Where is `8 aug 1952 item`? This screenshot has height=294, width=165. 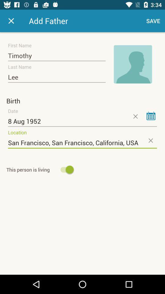
8 aug 1952 item is located at coordinates (82, 121).